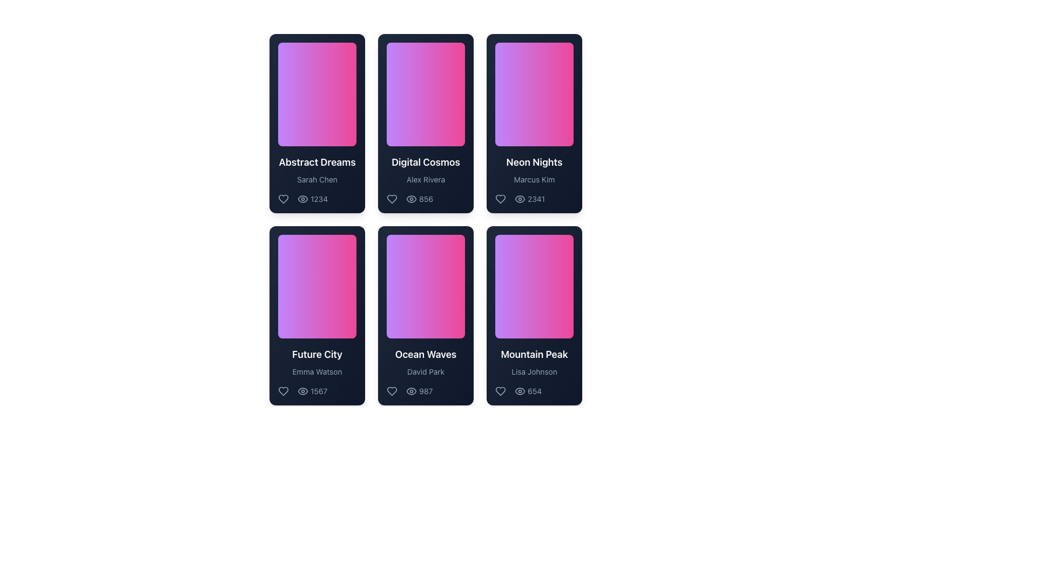 The height and width of the screenshot is (583, 1037). I want to click on the content card located in the second column of the second row, positioned between 'Future City' and 'Mountain Peak', so click(425, 316).